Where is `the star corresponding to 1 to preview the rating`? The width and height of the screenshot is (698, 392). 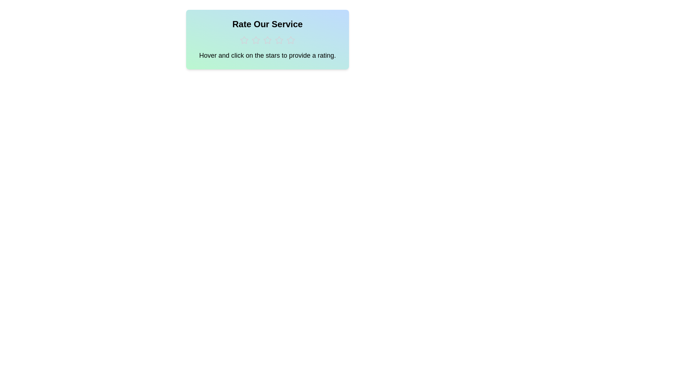
the star corresponding to 1 to preview the rating is located at coordinates (244, 40).